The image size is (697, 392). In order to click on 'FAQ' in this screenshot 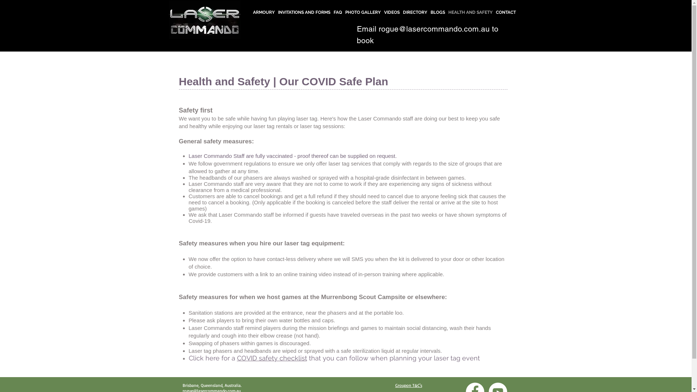, I will do `click(337, 12)`.